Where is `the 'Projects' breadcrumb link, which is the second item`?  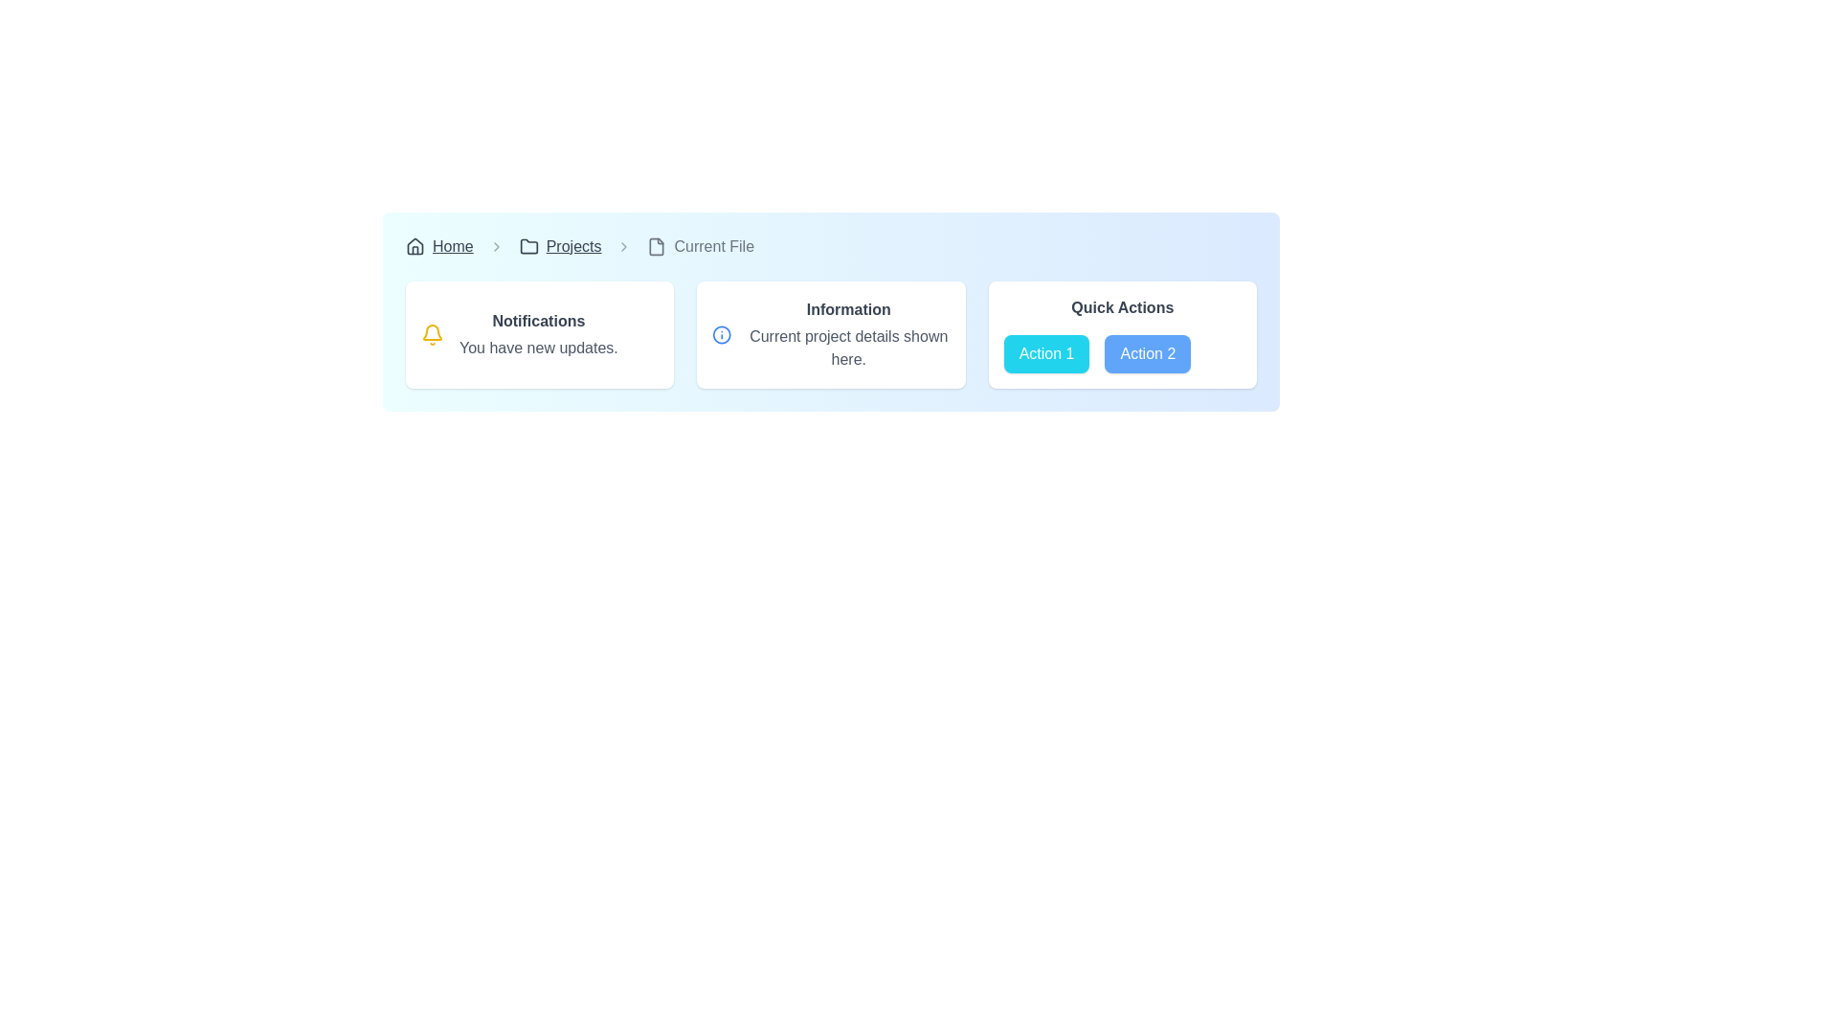 the 'Projects' breadcrumb link, which is the second item is located at coordinates (559, 246).